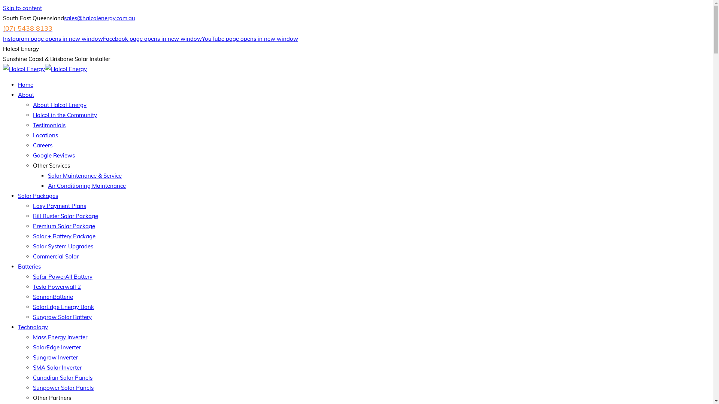  Describe the element at coordinates (51, 165) in the screenshot. I see `'Other Services'` at that location.